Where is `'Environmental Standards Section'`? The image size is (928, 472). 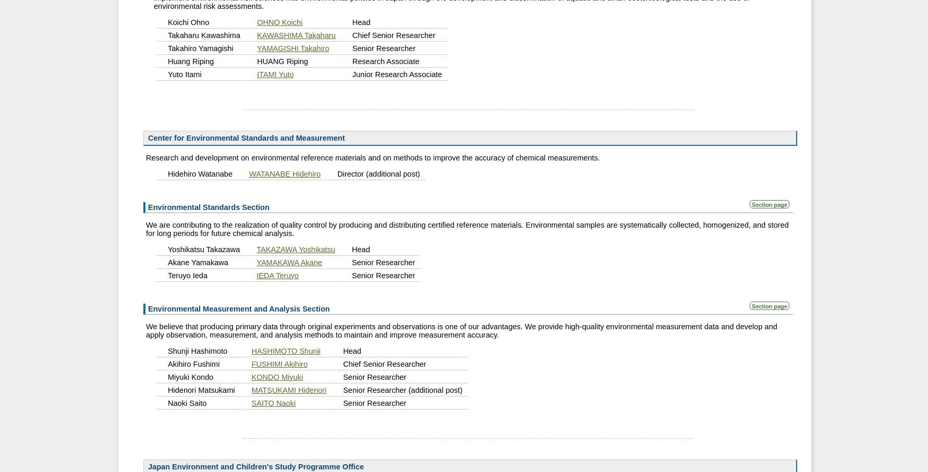
'Environmental Standards Section' is located at coordinates (207, 206).